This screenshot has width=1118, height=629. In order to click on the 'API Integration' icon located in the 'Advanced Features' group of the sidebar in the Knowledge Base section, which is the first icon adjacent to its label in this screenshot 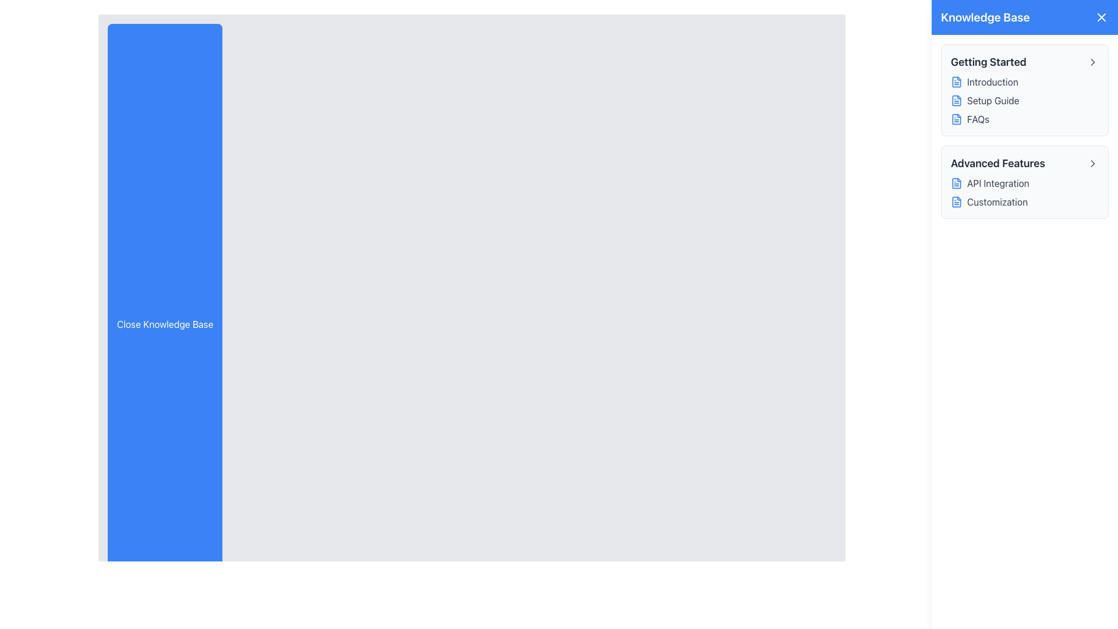, I will do `click(956, 183)`.